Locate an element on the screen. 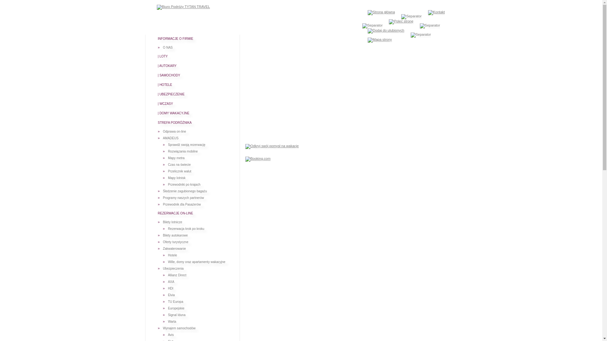  'AMADEUS' is located at coordinates (170, 138).